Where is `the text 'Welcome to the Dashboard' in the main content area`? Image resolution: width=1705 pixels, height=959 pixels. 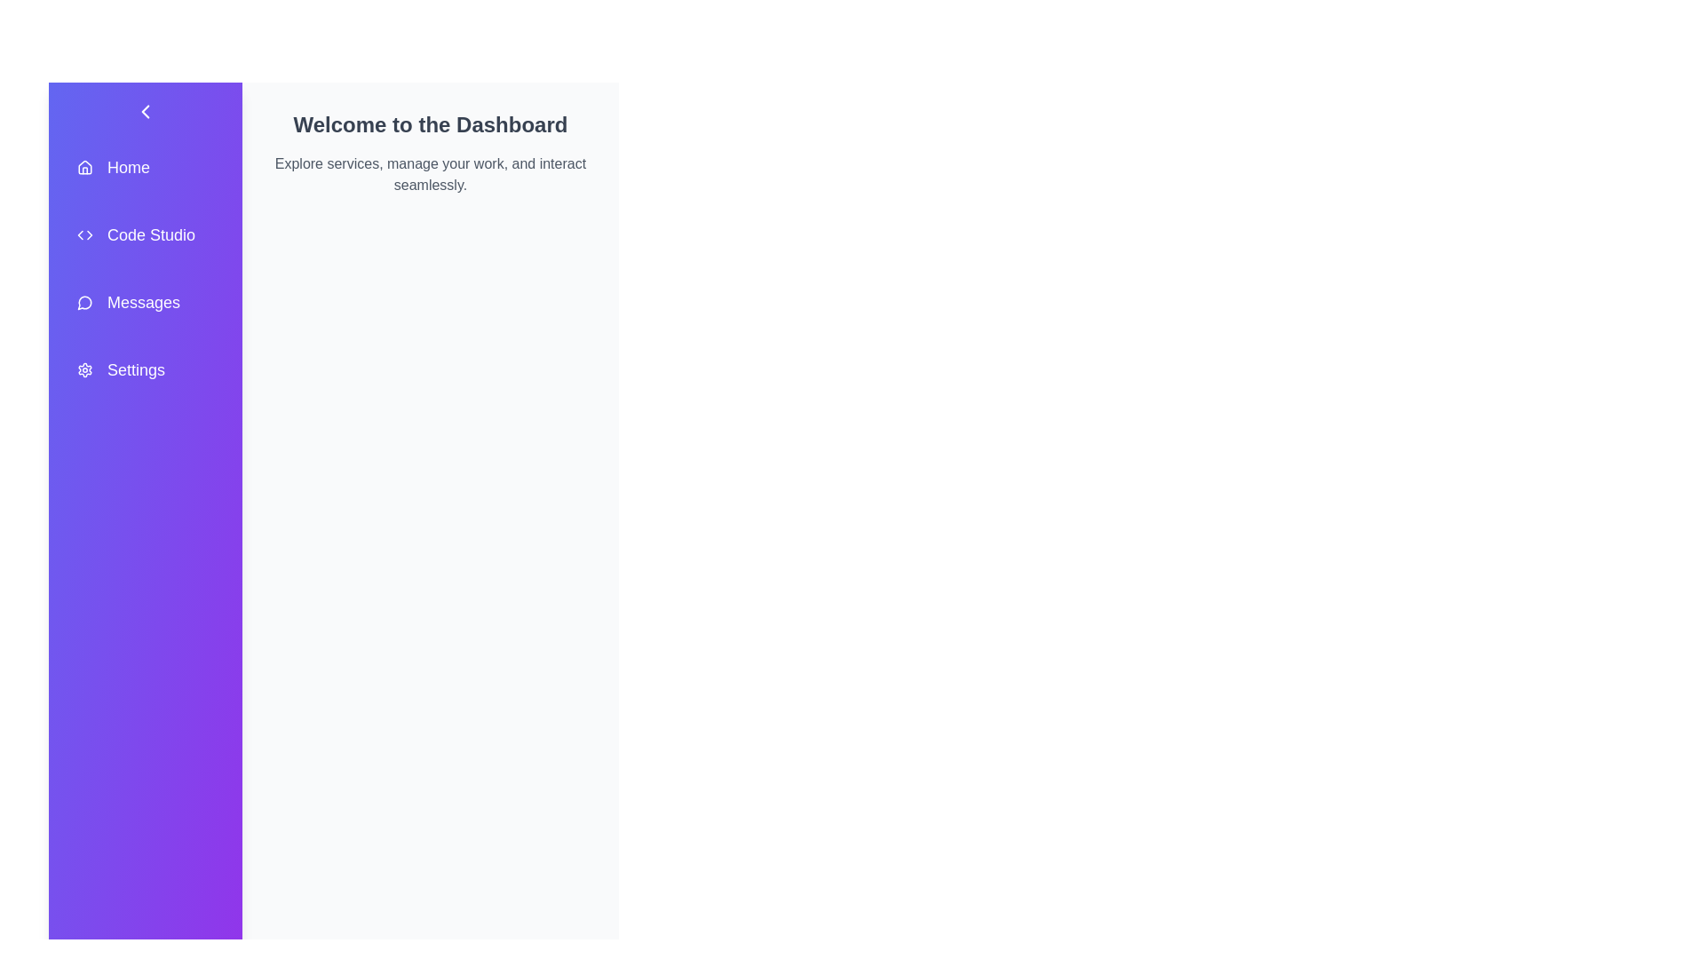
the text 'Welcome to the Dashboard' in the main content area is located at coordinates (270, 110).